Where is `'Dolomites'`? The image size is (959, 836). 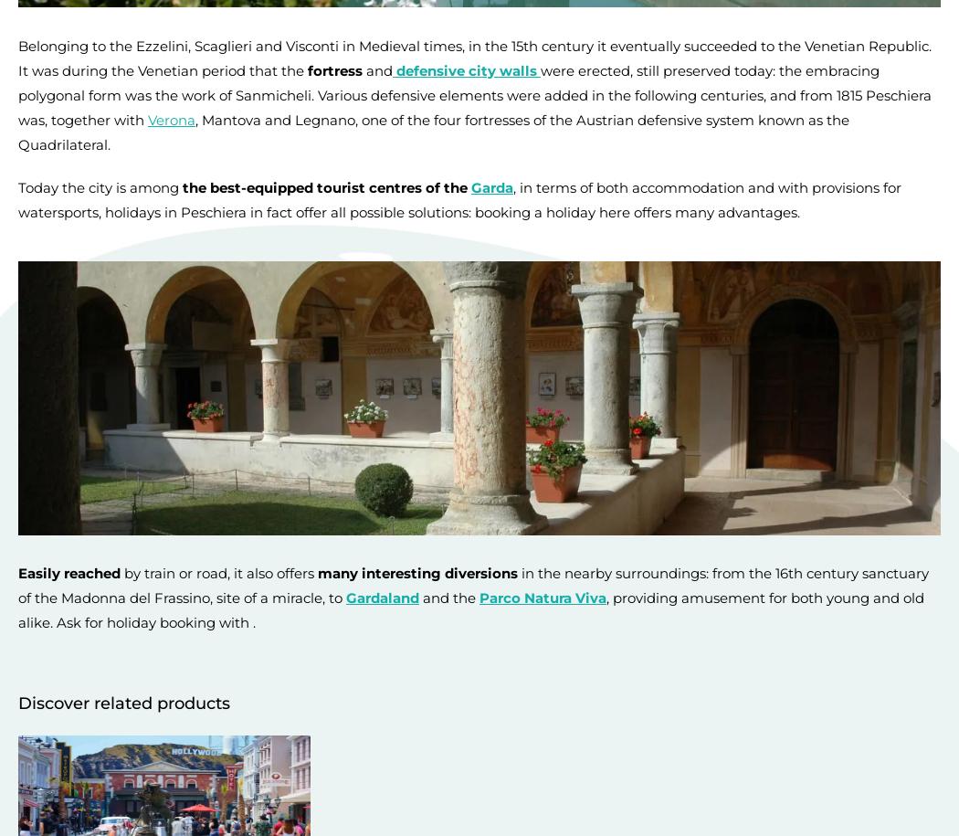
'Dolomites' is located at coordinates (51, 442).